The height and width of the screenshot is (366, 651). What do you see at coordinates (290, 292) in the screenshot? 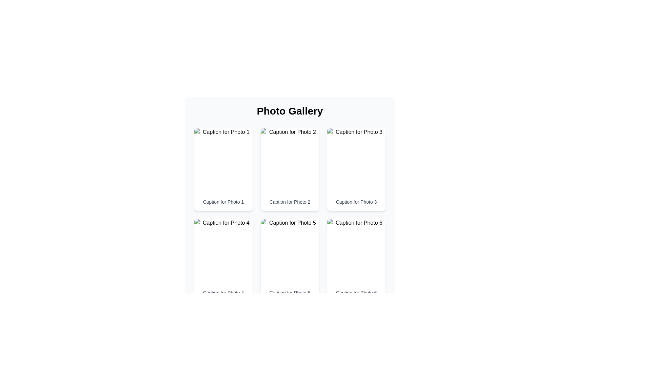
I see `the Text Label that displays the caption for the fifth photo in the gallery, located in the middle column of the second row` at bounding box center [290, 292].